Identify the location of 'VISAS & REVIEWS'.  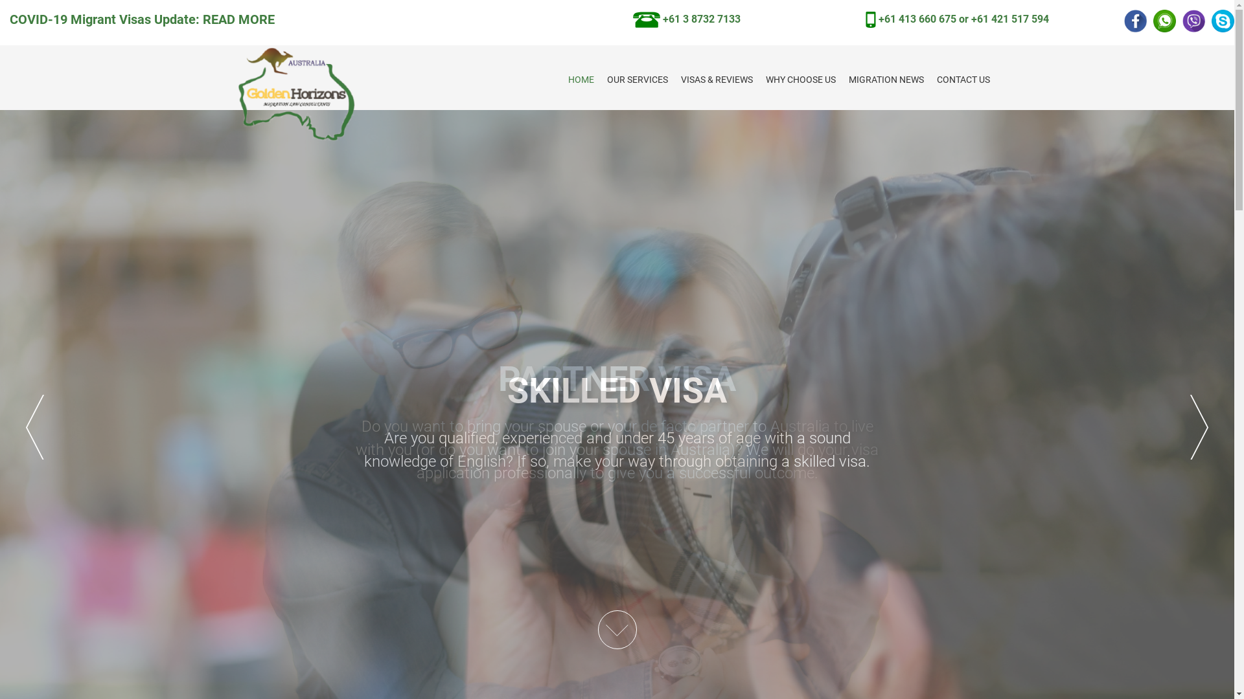
(715, 80).